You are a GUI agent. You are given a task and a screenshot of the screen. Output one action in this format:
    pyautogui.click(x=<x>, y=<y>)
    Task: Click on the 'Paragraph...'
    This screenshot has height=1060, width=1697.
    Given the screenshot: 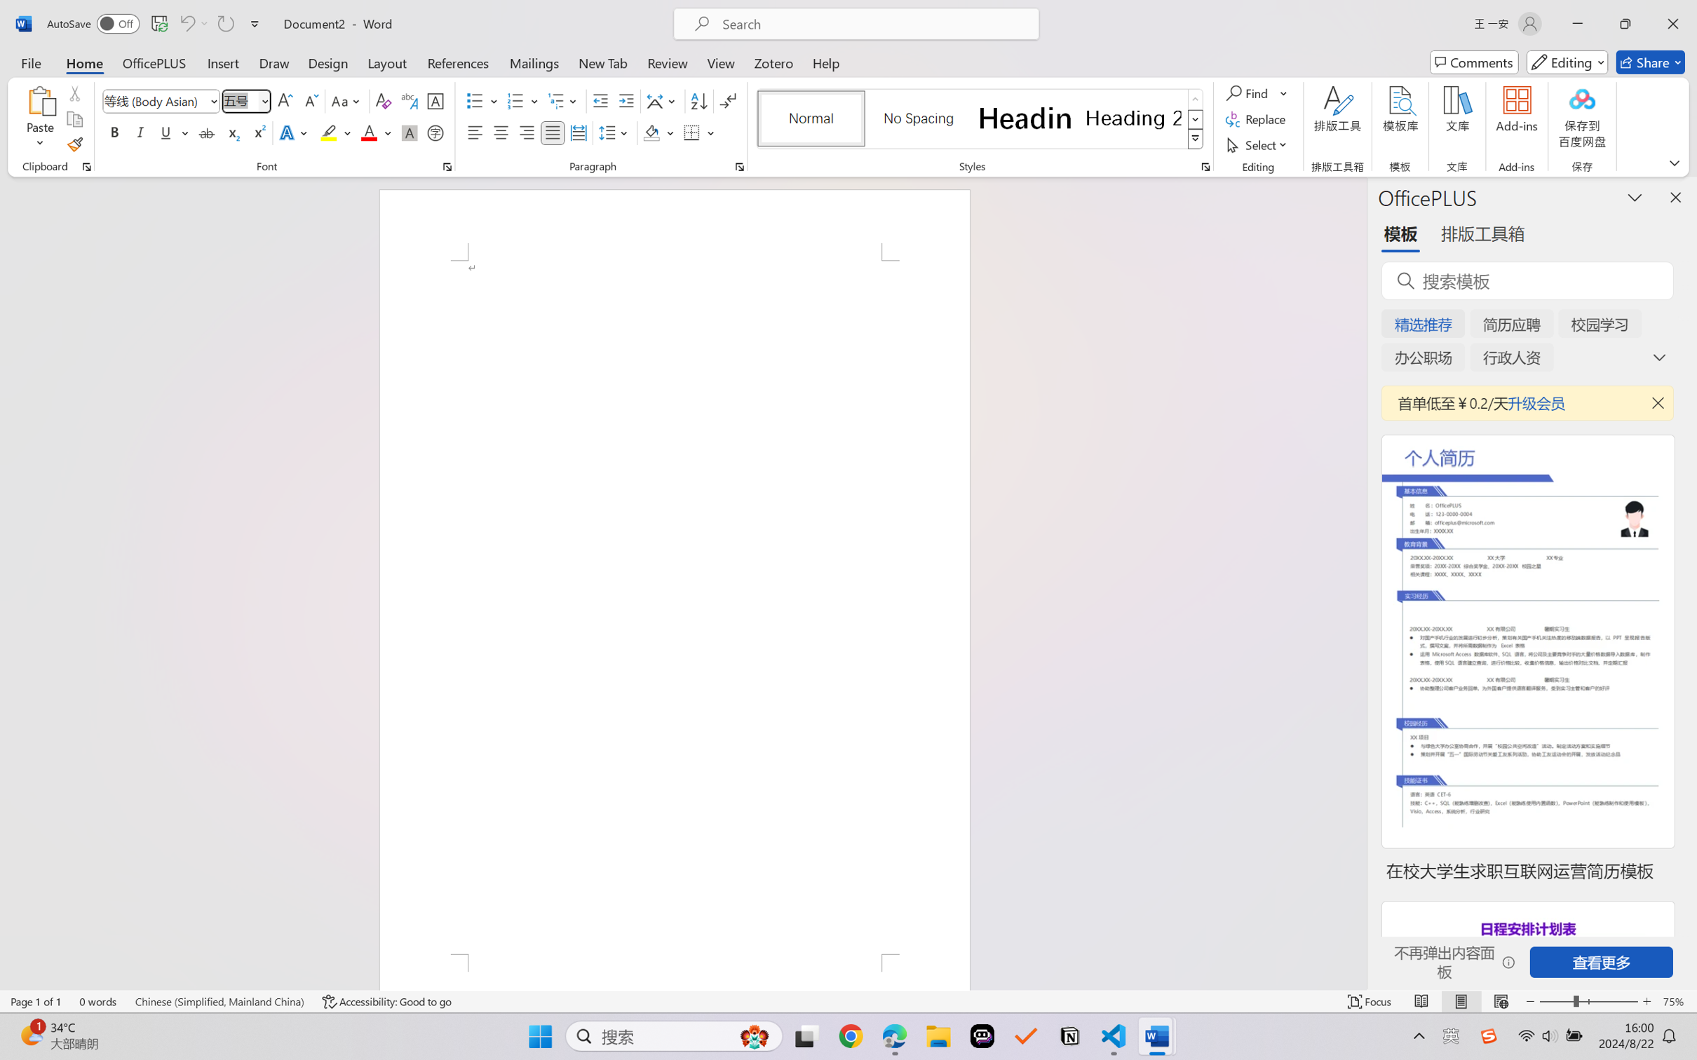 What is the action you would take?
    pyautogui.click(x=739, y=166)
    